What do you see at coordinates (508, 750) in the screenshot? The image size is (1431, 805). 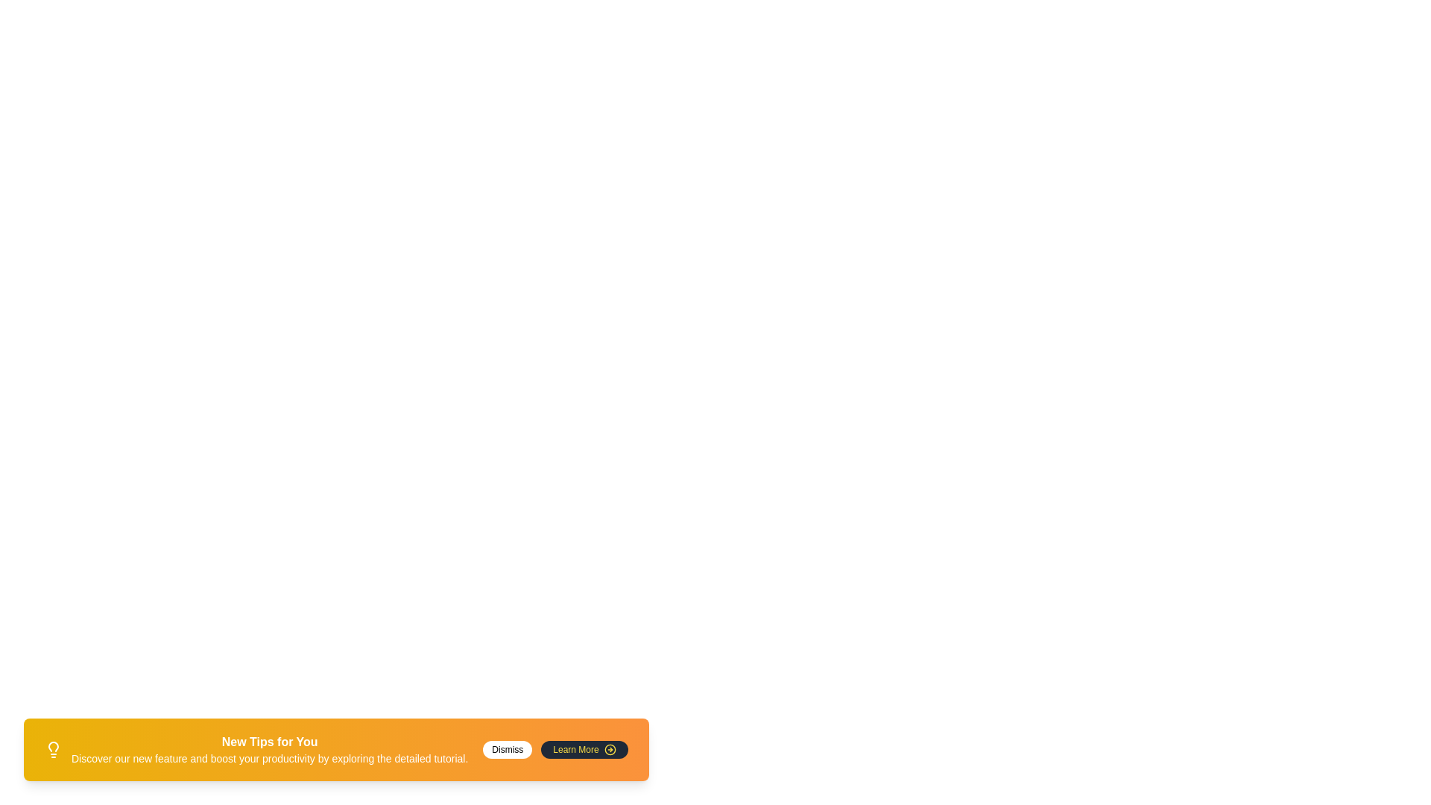 I see `the dismiss button to close the snackbar` at bounding box center [508, 750].